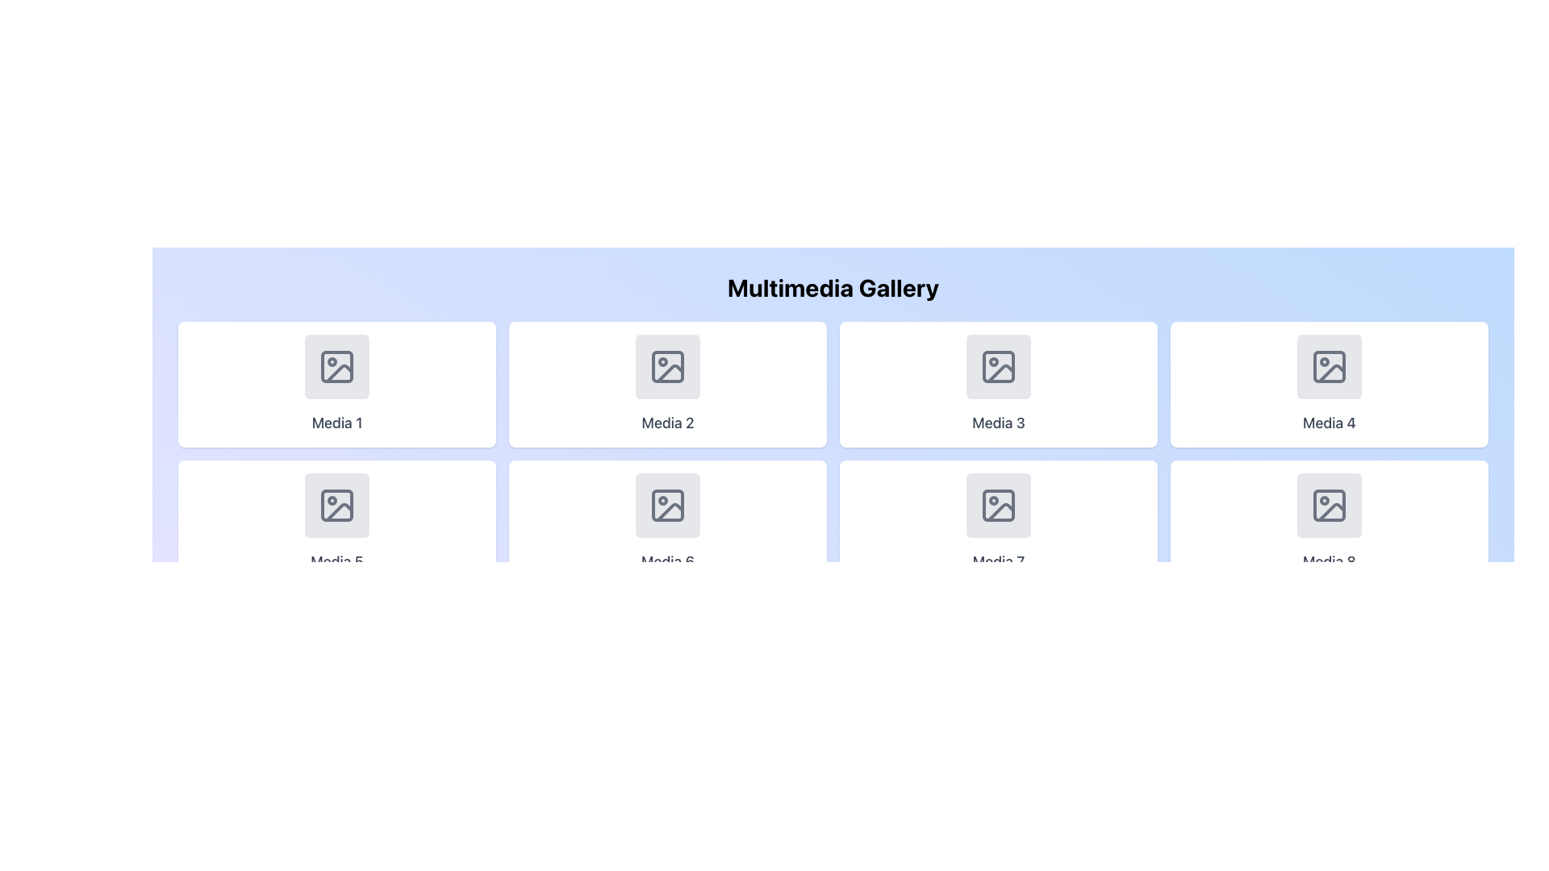  What do you see at coordinates (668, 505) in the screenshot?
I see `the rounded gray rectangle element that is part of the 'Media 6' icon in the grid layout` at bounding box center [668, 505].